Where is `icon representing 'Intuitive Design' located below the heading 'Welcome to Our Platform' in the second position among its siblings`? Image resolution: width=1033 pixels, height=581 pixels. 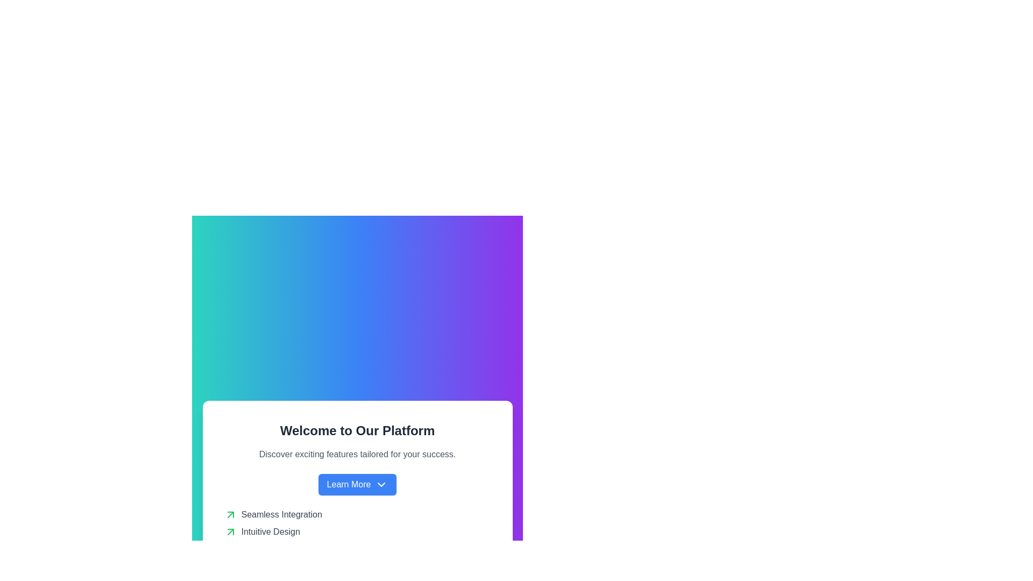 icon representing 'Intuitive Design' located below the heading 'Welcome to Our Platform' in the second position among its siblings is located at coordinates (357, 531).